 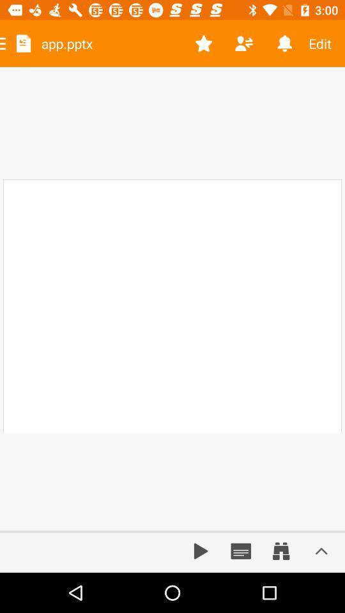 What do you see at coordinates (201, 550) in the screenshot?
I see `next` at bounding box center [201, 550].